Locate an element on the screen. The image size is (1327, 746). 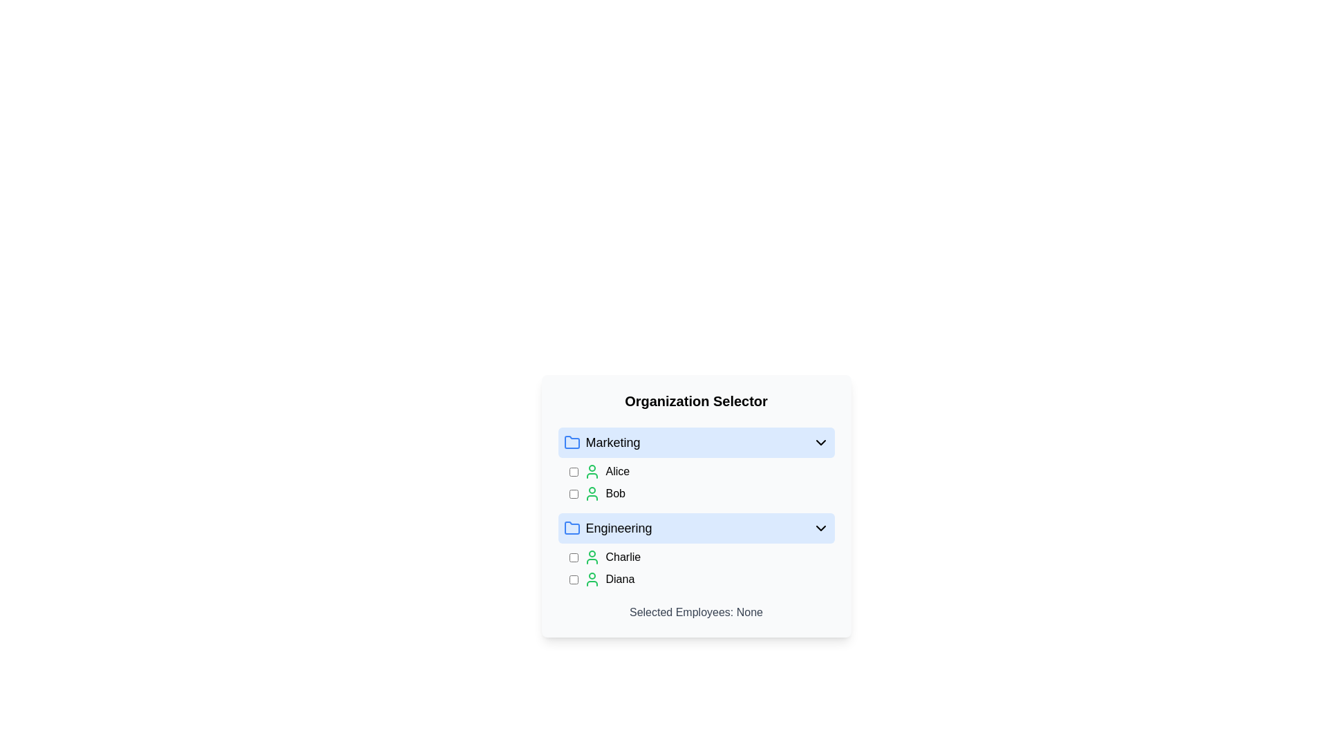
the text label 'Bob' located in the 'Marketing' section, which is the second entry in the list is located at coordinates (614, 492).